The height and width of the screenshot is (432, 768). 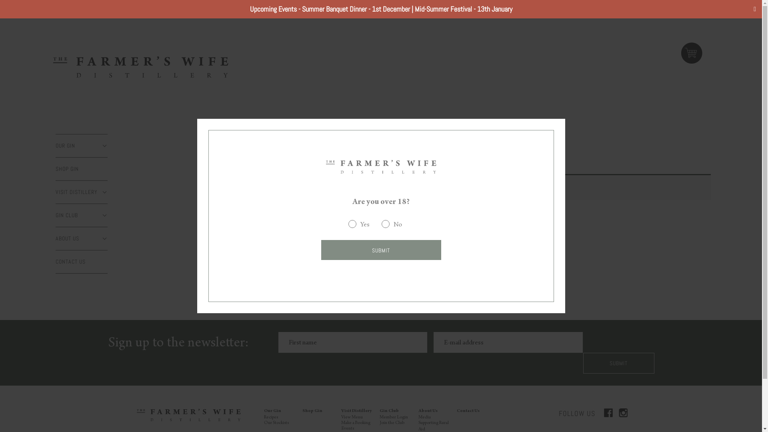 What do you see at coordinates (618, 413) in the screenshot?
I see `'instagram'` at bounding box center [618, 413].